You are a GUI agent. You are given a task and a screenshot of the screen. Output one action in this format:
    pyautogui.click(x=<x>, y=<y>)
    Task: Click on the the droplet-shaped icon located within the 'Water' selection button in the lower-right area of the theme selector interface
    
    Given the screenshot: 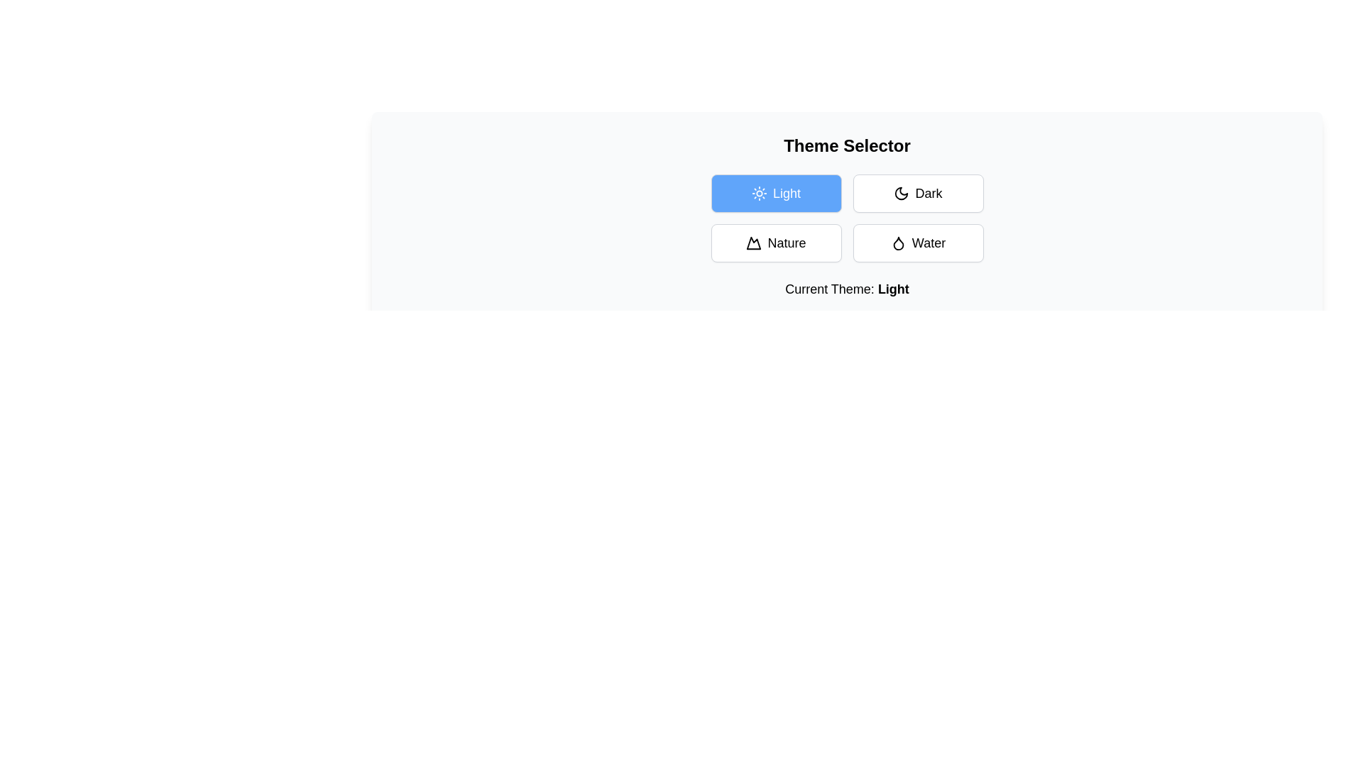 What is the action you would take?
    pyautogui.click(x=897, y=243)
    